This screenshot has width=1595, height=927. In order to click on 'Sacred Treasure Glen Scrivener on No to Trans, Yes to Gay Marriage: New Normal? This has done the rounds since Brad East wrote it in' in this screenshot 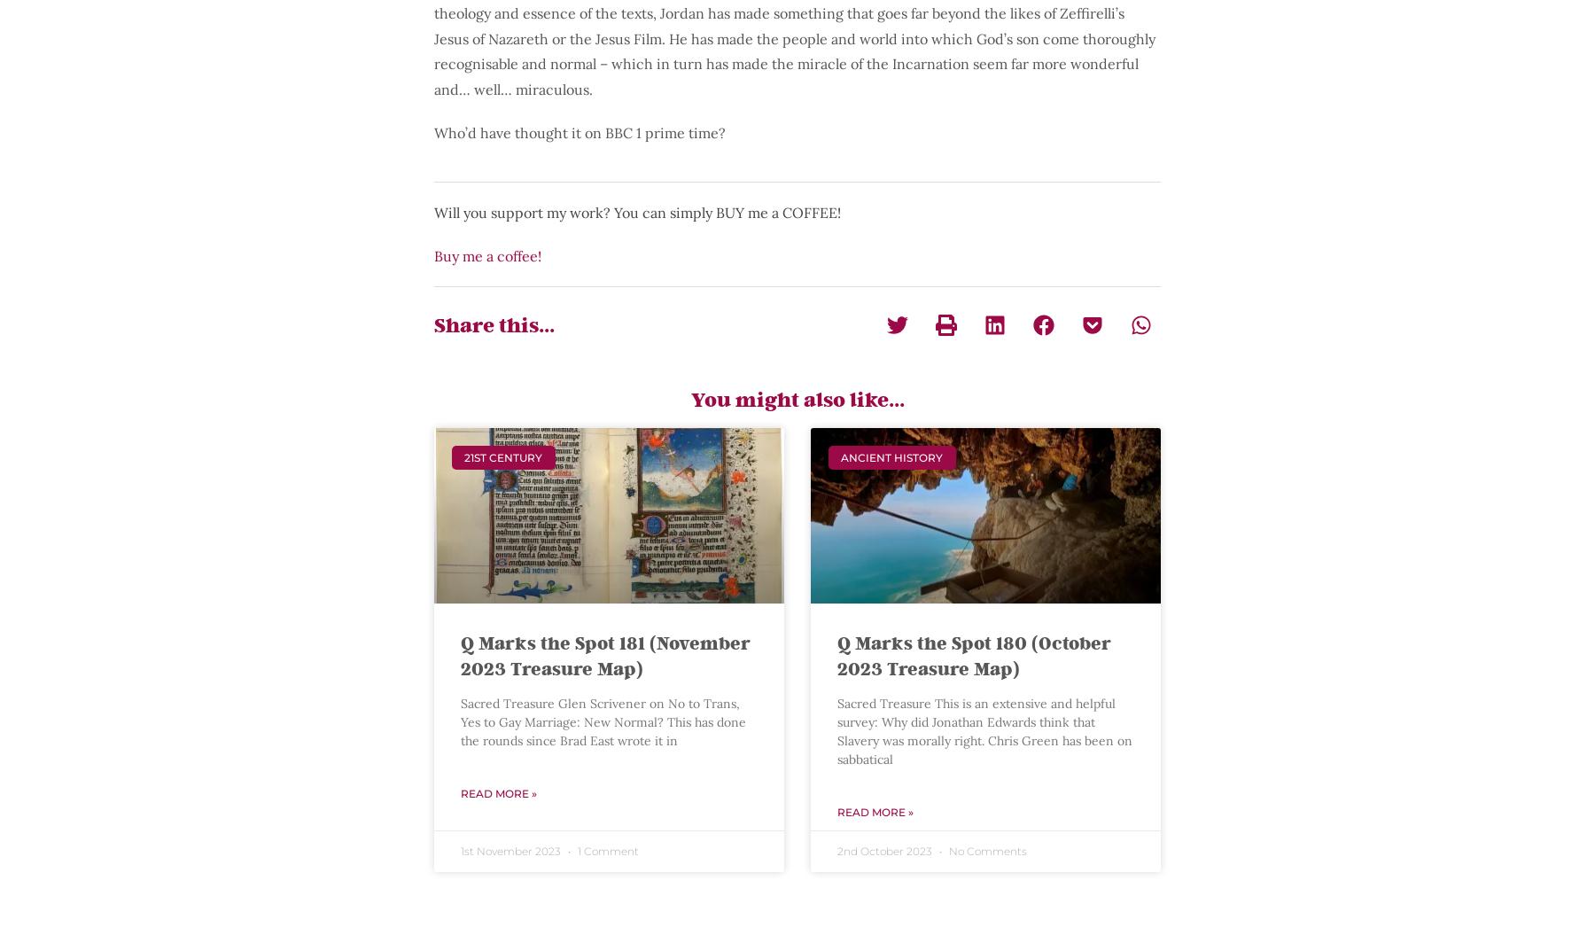, I will do `click(460, 721)`.